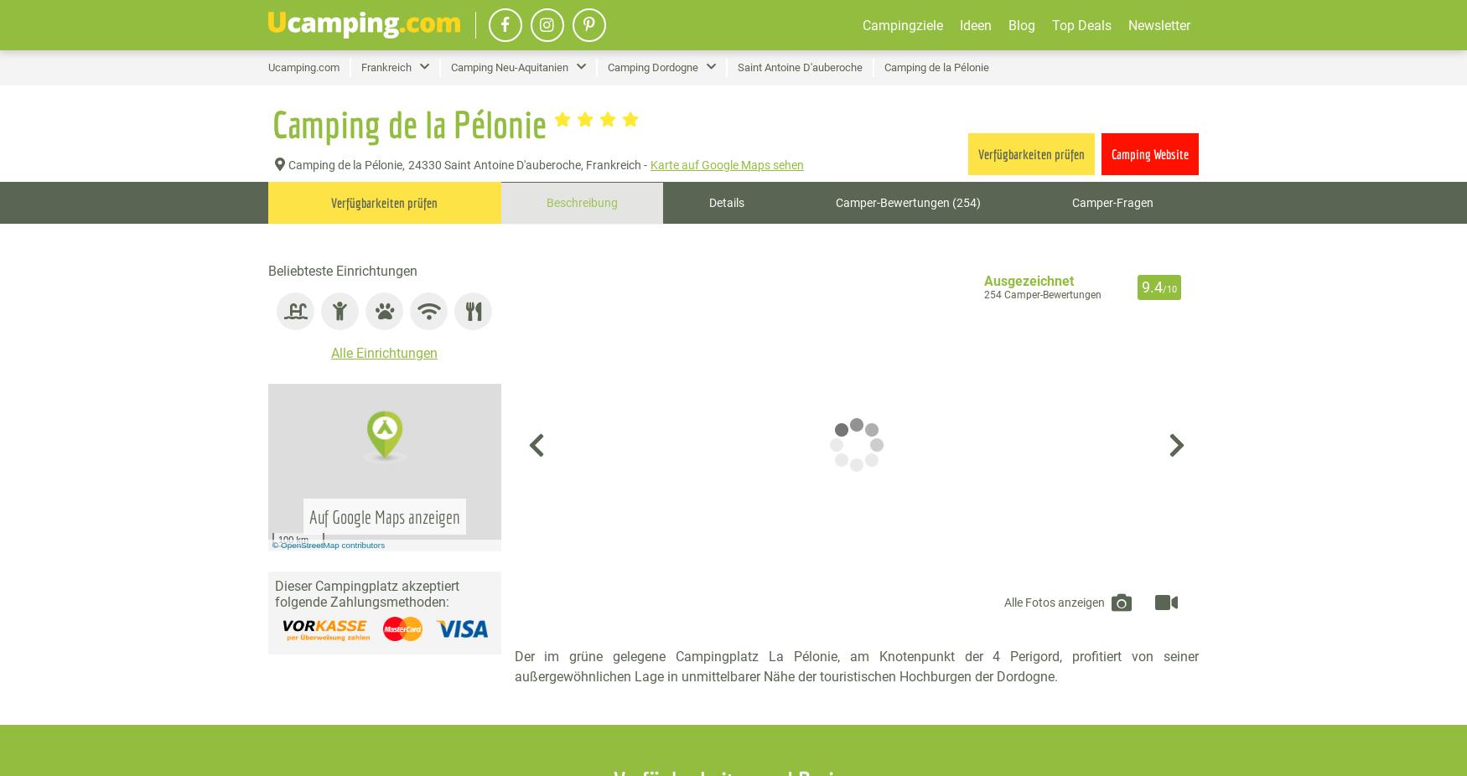 This screenshot has height=776, width=1467. What do you see at coordinates (936, 111) in the screenshot?
I see `'Camping am See'` at bounding box center [936, 111].